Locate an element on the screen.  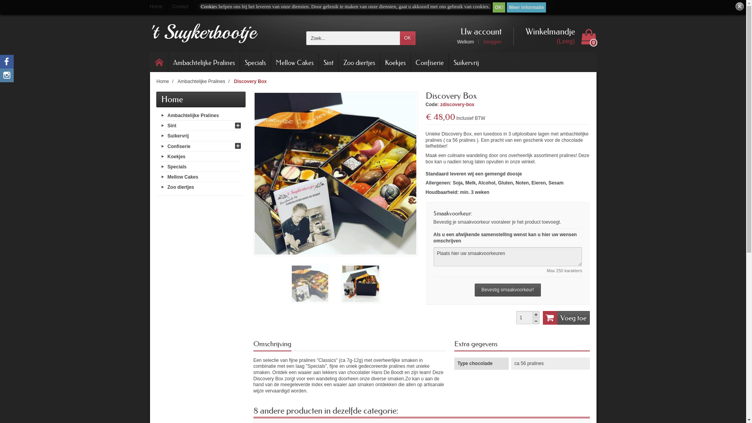
'Bevestig smaakvoorkeur!' is located at coordinates (508, 290).